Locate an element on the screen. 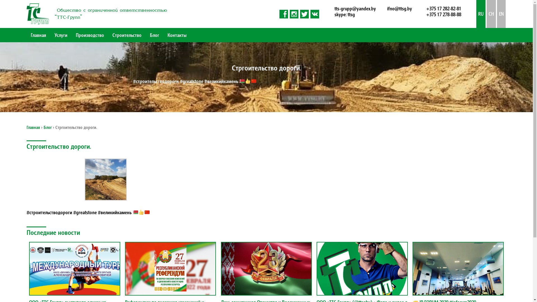 This screenshot has width=537, height=302. 'EN' is located at coordinates (501, 14).